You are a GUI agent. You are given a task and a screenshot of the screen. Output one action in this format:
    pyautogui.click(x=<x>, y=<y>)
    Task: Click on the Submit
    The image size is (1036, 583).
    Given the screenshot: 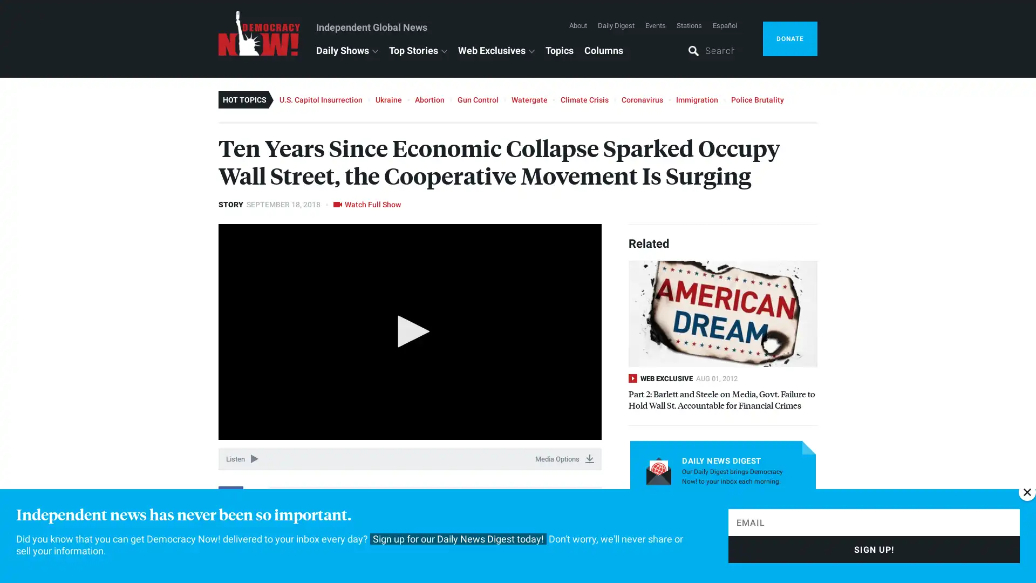 What is the action you would take?
    pyautogui.click(x=778, y=513)
    